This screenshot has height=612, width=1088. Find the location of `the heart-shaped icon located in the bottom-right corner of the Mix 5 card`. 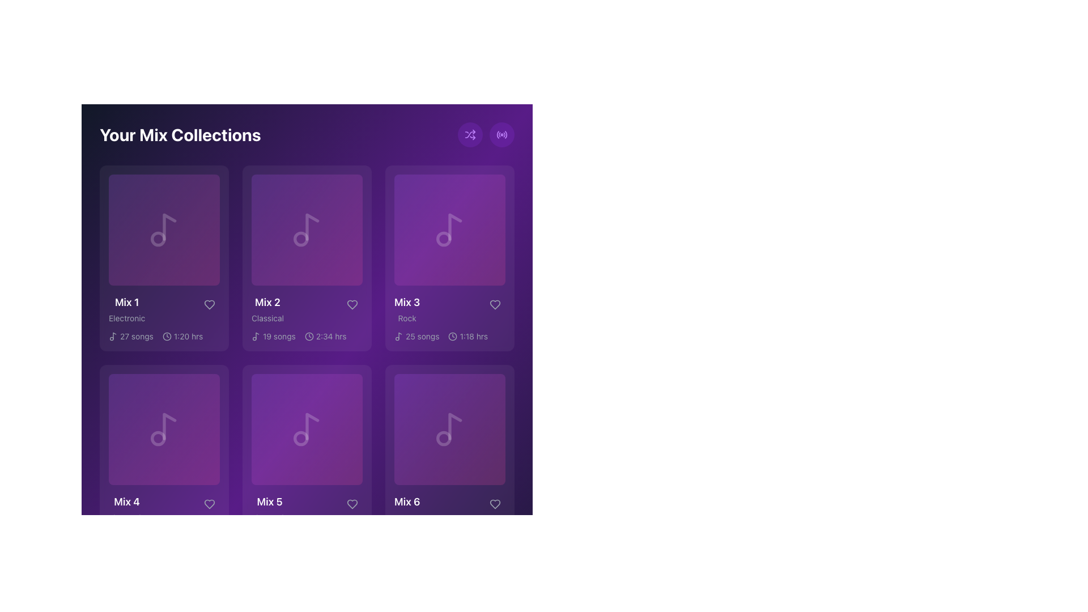

the heart-shaped icon located in the bottom-right corner of the Mix 5 card is located at coordinates (352, 504).